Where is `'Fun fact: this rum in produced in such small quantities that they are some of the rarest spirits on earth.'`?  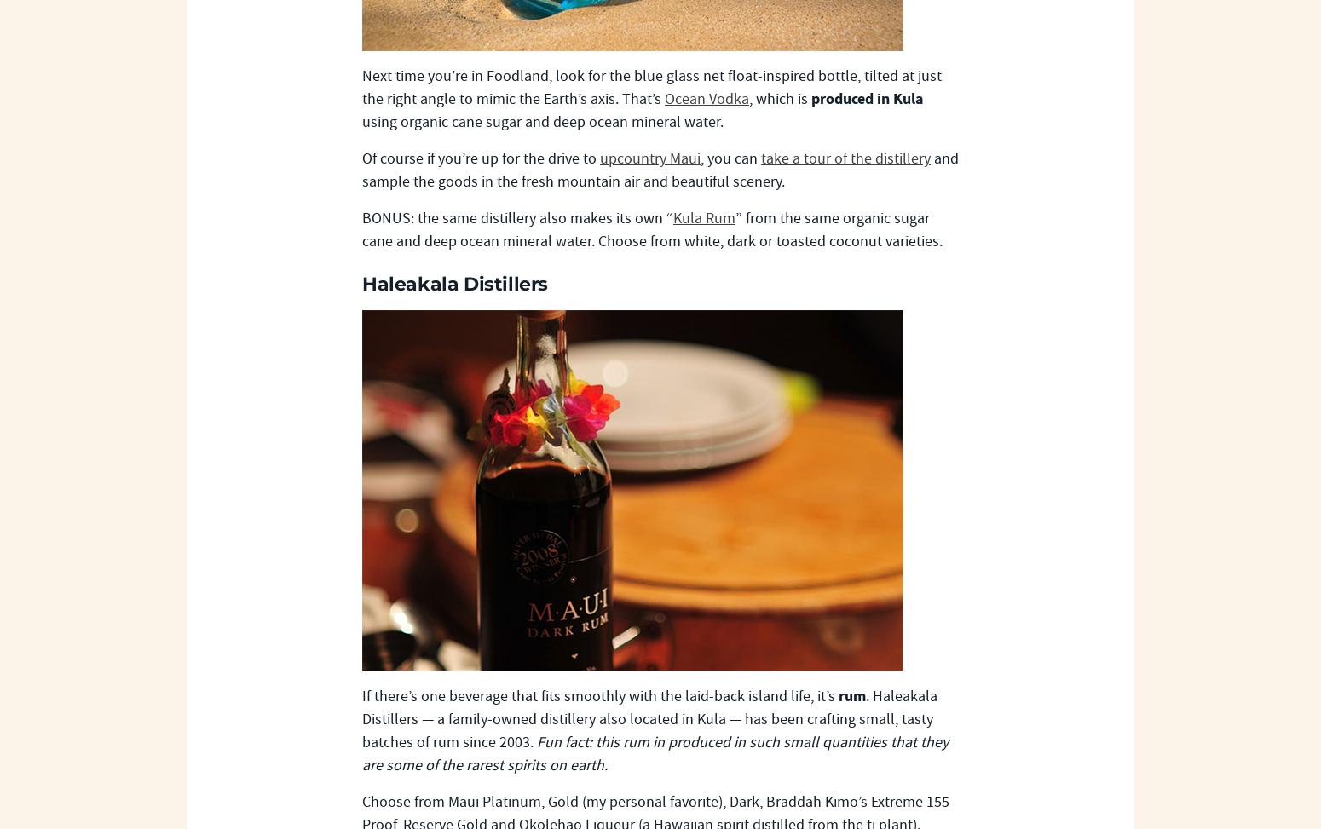
'Fun fact: this rum in produced in such small quantities that they are some of the rarest spirits on earth.' is located at coordinates (655, 752).